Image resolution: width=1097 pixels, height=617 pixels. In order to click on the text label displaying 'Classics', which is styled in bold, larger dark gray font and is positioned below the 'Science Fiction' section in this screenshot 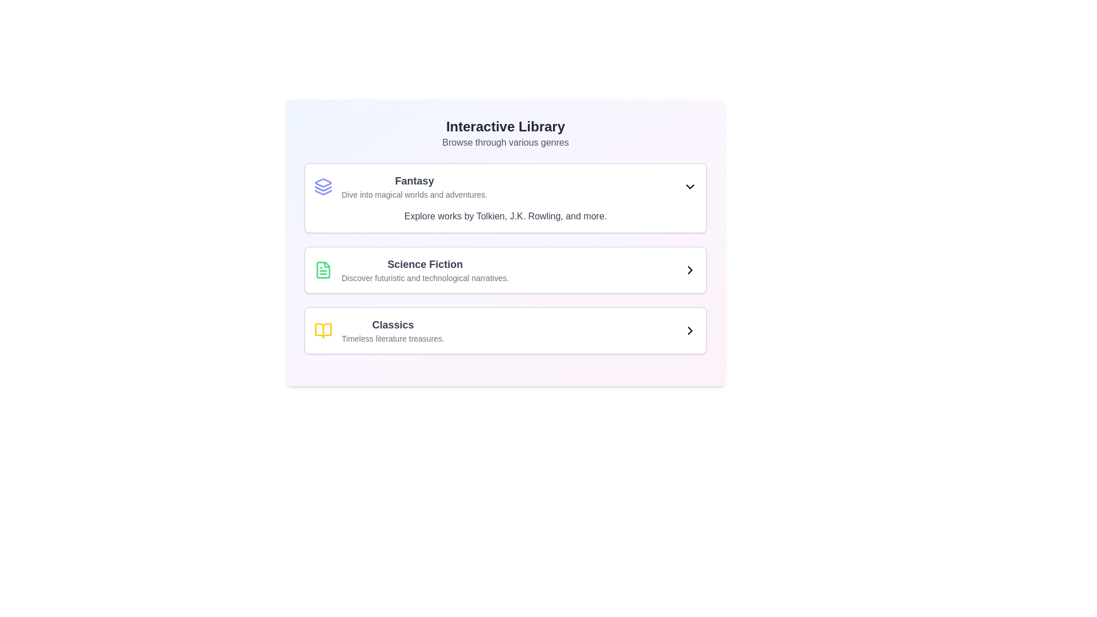, I will do `click(393, 325)`.